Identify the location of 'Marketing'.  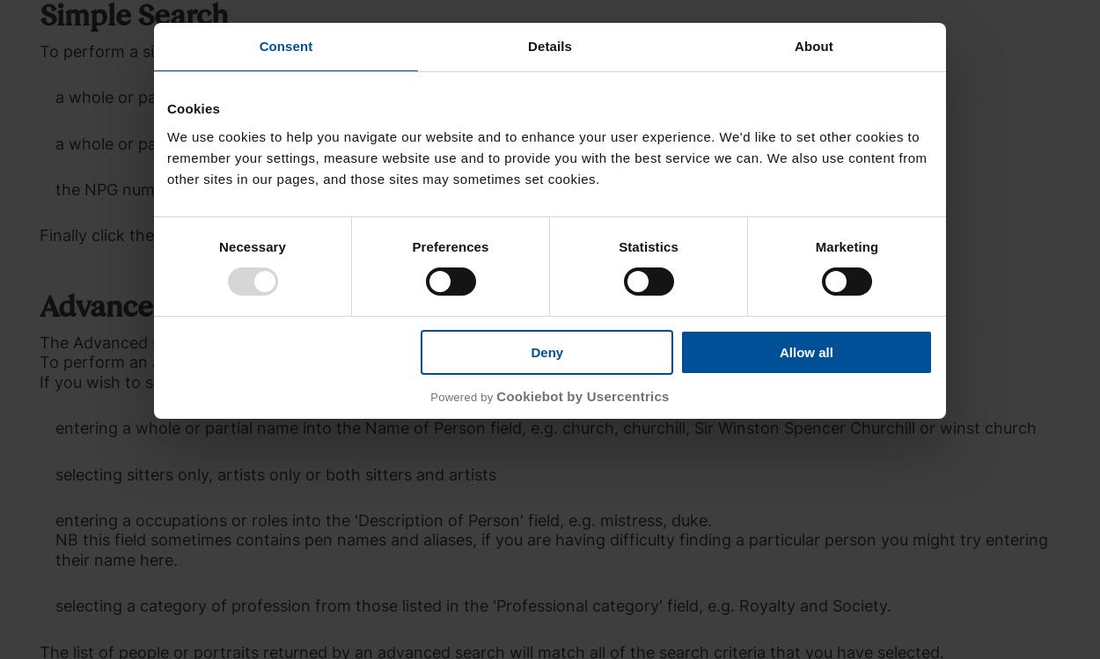
(845, 245).